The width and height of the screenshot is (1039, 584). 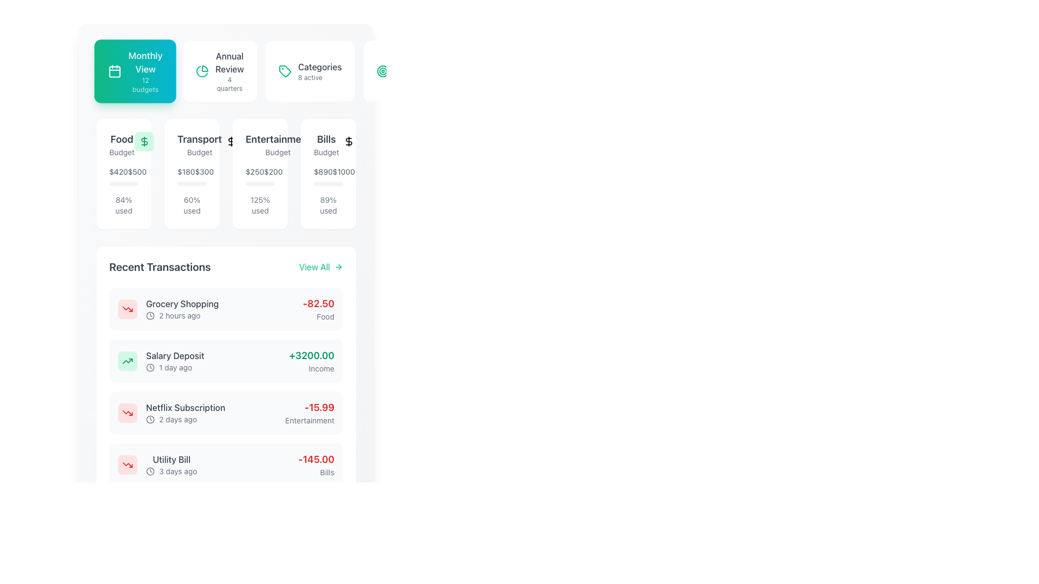 What do you see at coordinates (327, 144) in the screenshot?
I see `the text label indicating the 'Bills' budget section, which is located at the rightmost position in the top row of budget category cards` at bounding box center [327, 144].